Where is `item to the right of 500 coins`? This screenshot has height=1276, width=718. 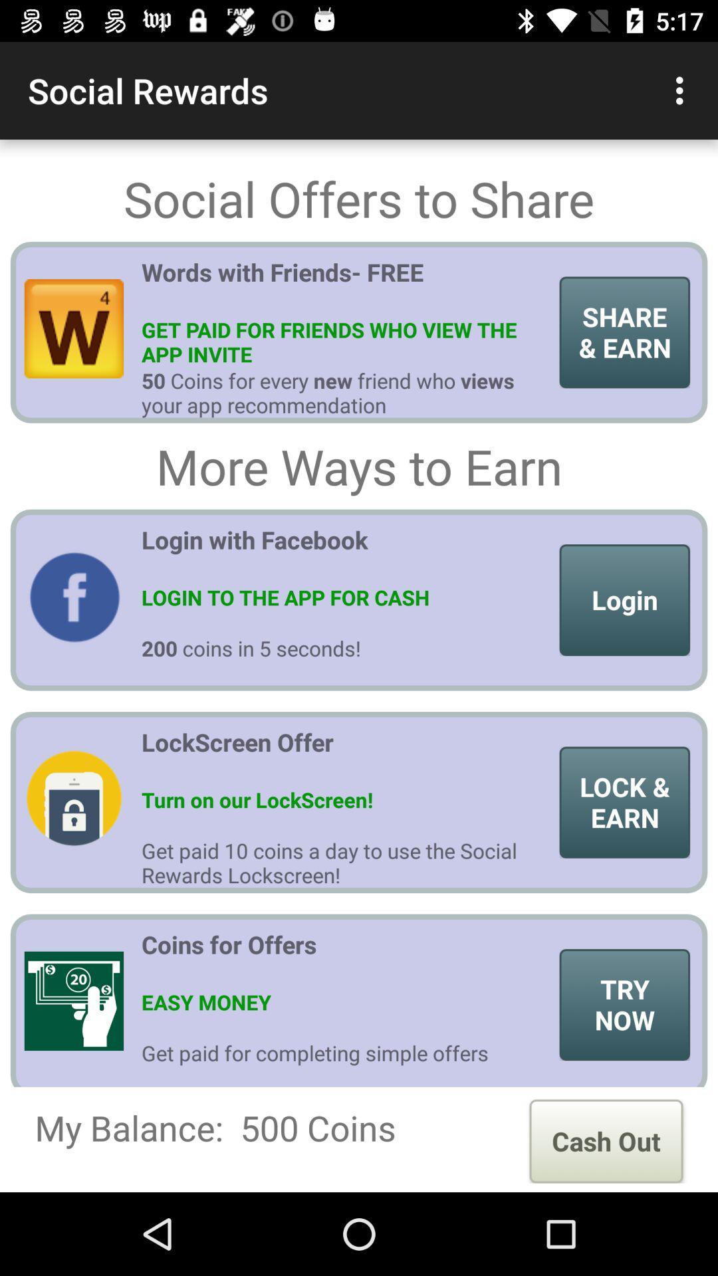 item to the right of 500 coins is located at coordinates (606, 1140).